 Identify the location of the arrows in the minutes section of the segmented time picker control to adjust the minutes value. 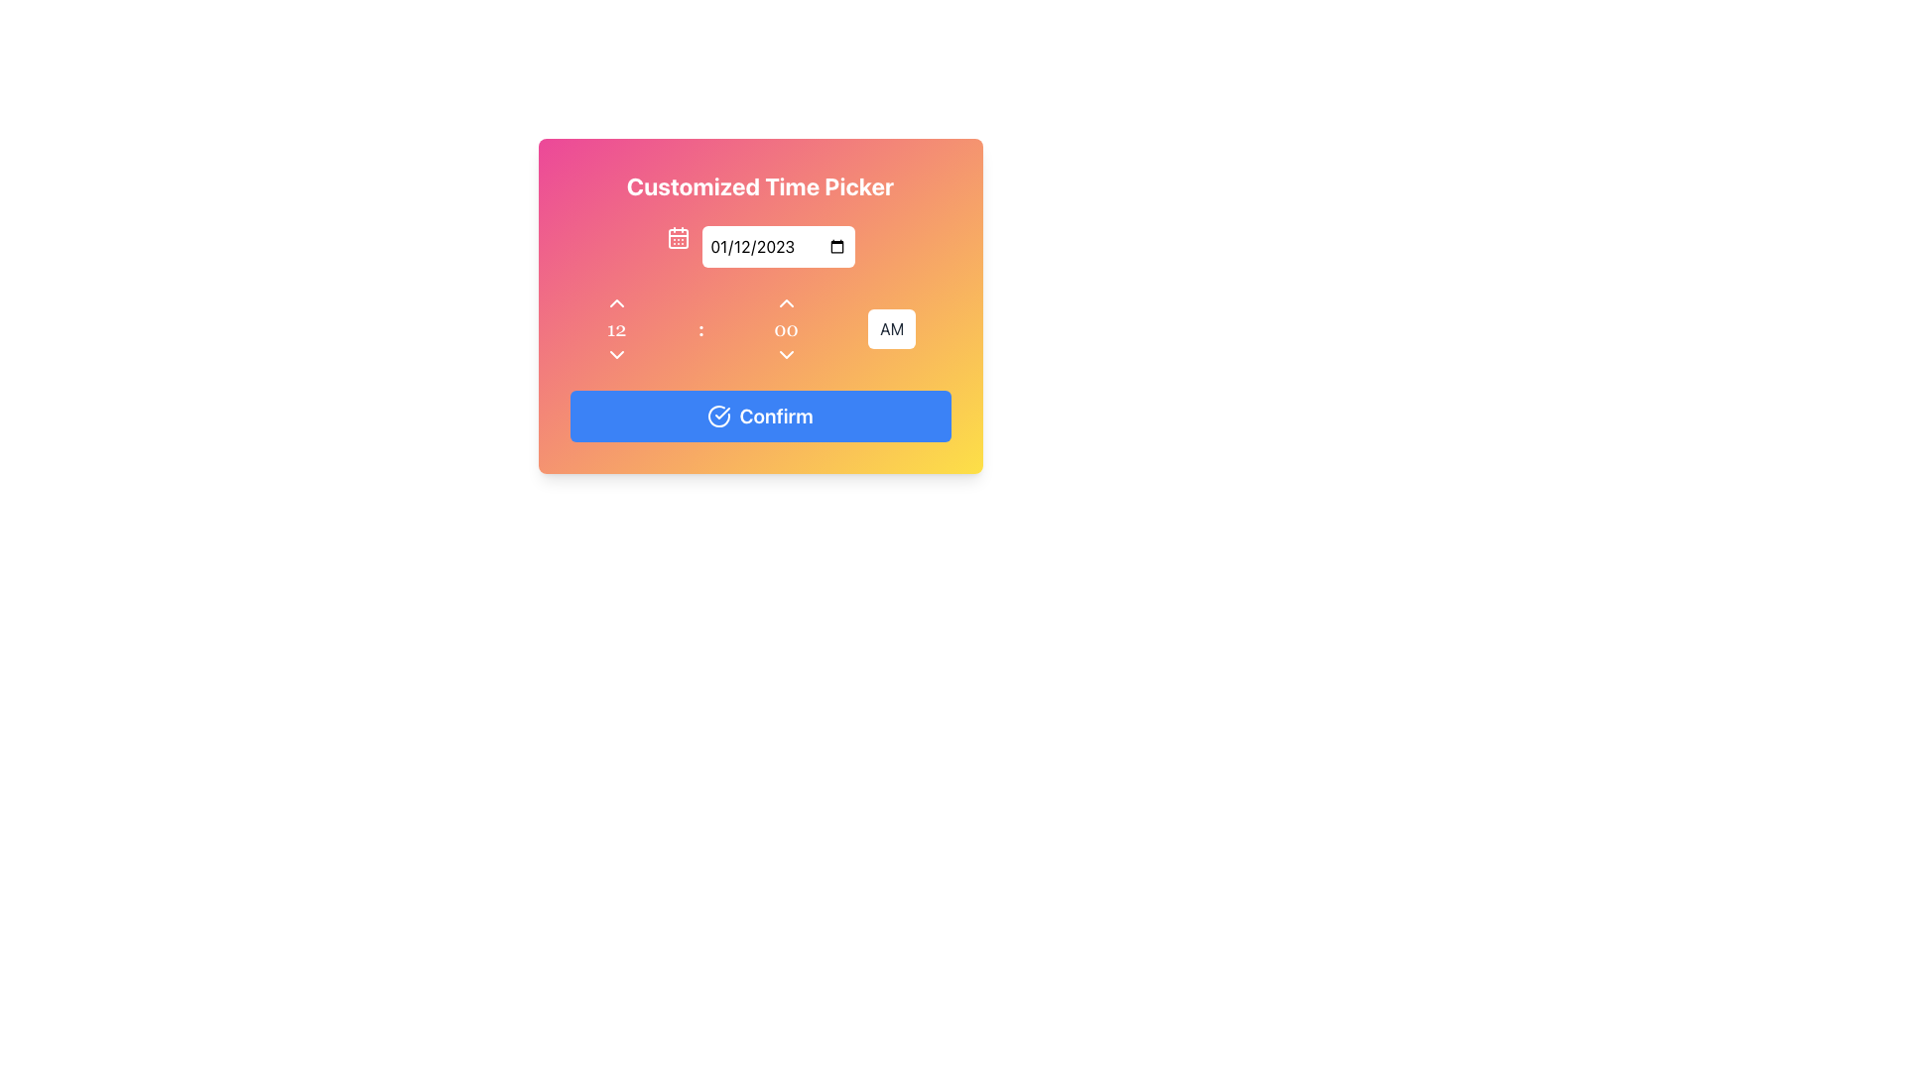
(785, 327).